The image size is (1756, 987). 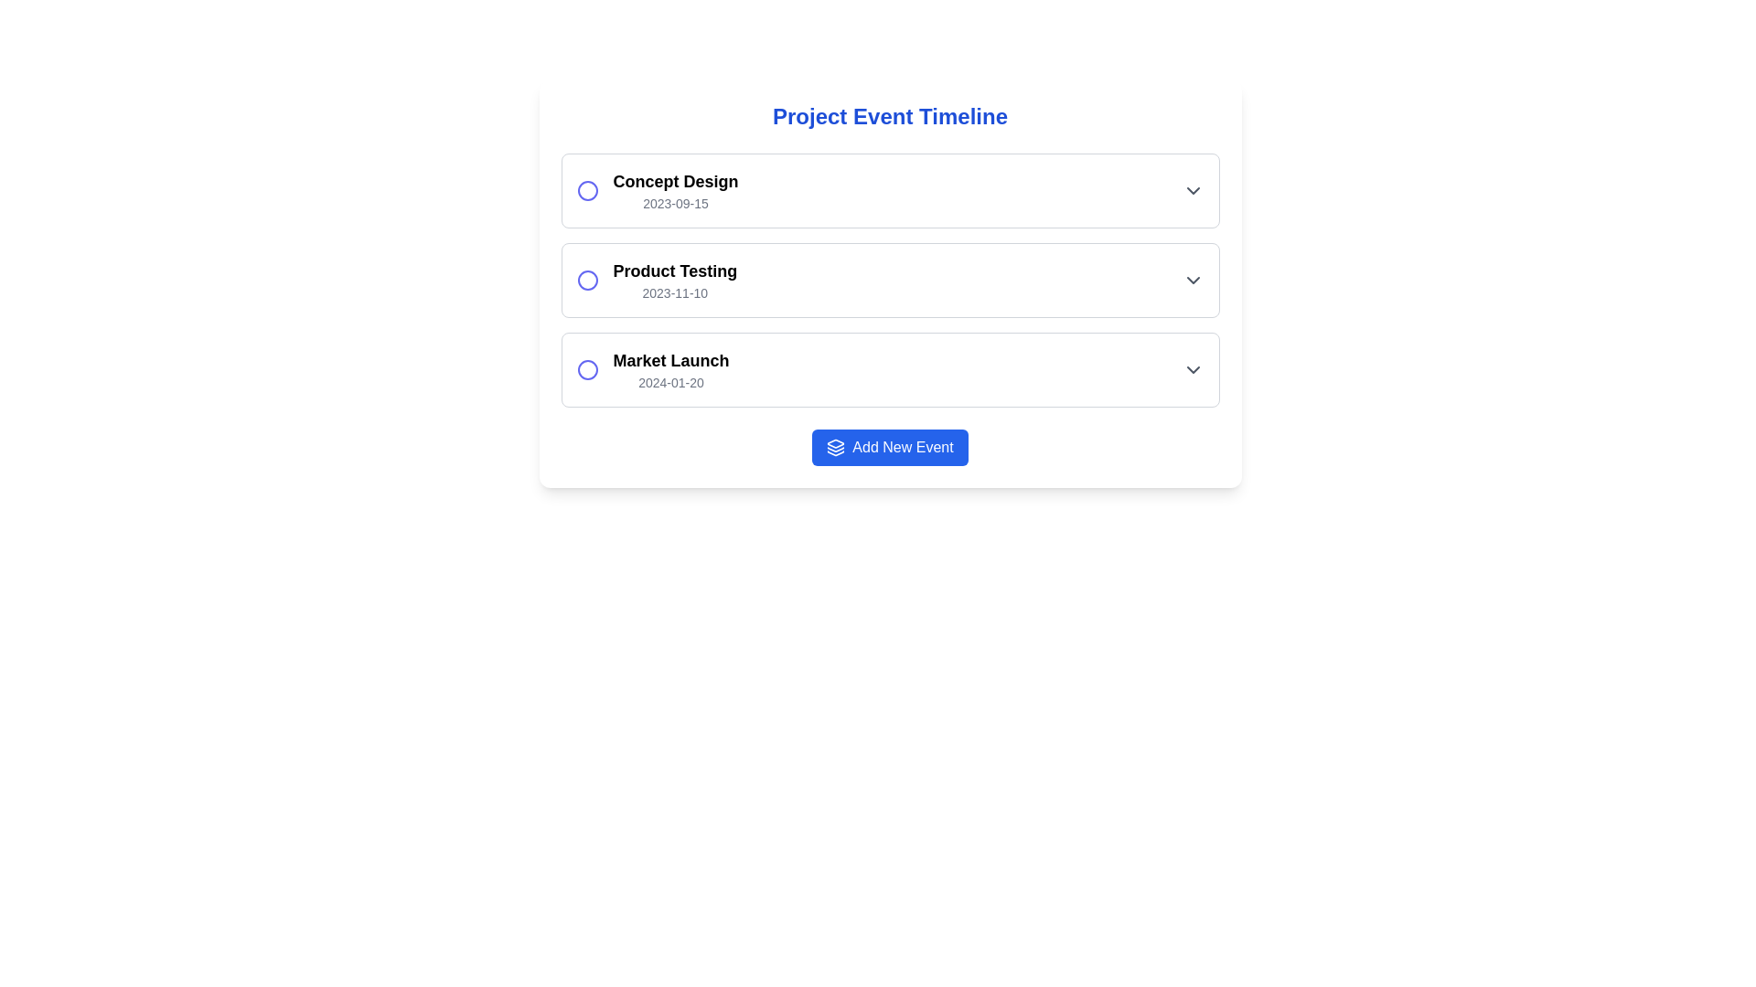 What do you see at coordinates (587, 370) in the screenshot?
I see `the radio button styled circle located to the left of the 'Market Launch' text` at bounding box center [587, 370].